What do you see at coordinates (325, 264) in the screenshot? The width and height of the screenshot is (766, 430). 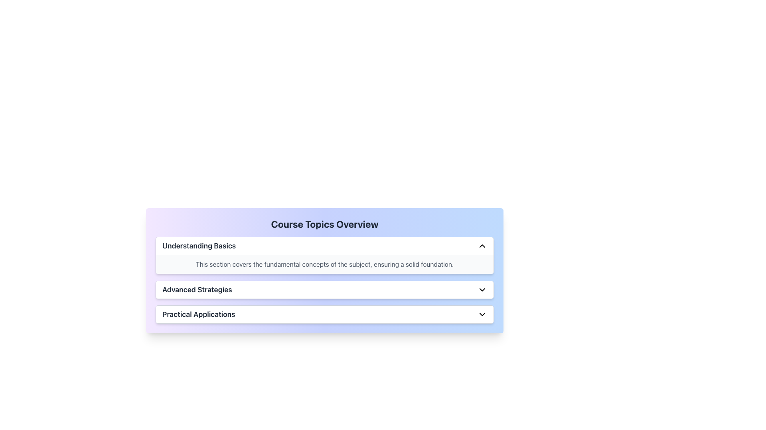 I see `informational text block that reads 'This section covers the fundamental concepts of the subject, ensuring a solid foundation.' which is styled with a gray background and is positioned beneath the 'Understanding Basics' header` at bounding box center [325, 264].